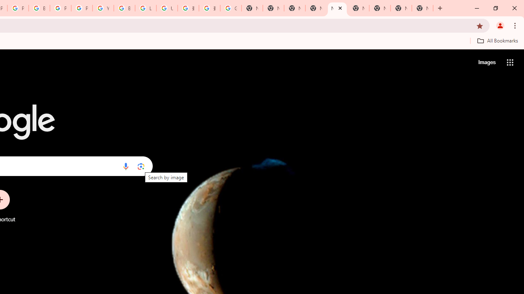  Describe the element at coordinates (230, 8) in the screenshot. I see `'Google Images'` at that location.